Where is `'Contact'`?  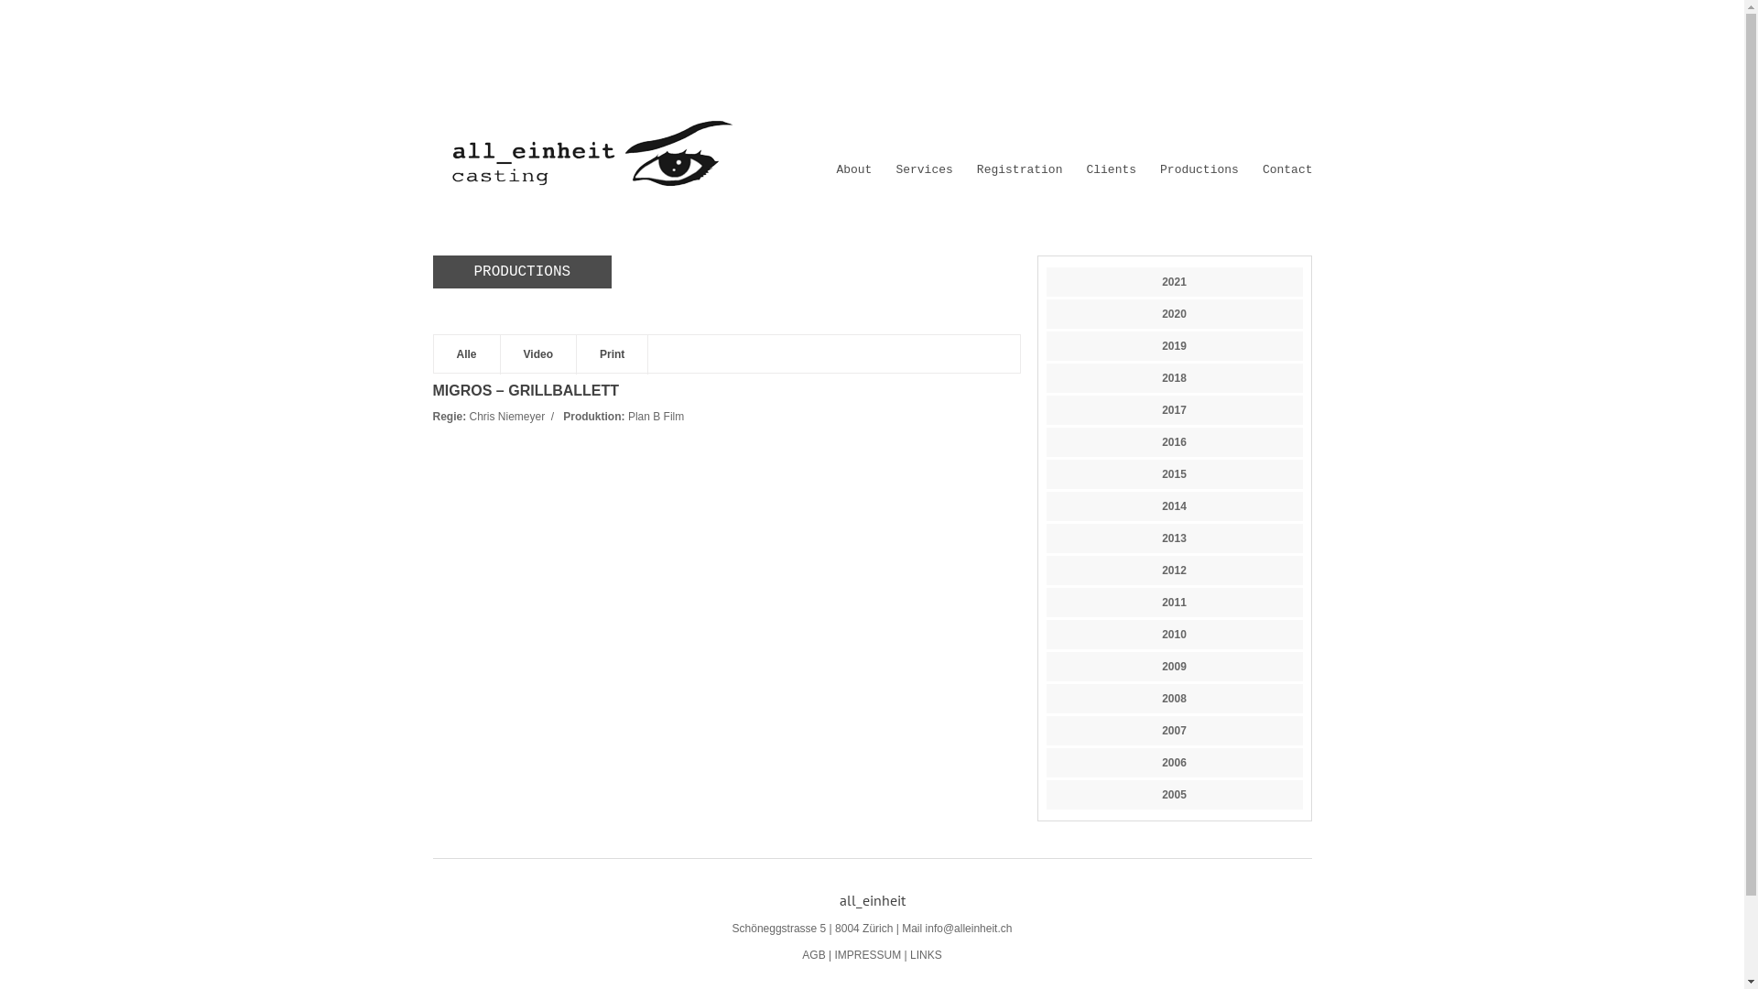 'Contact' is located at coordinates (1286, 169).